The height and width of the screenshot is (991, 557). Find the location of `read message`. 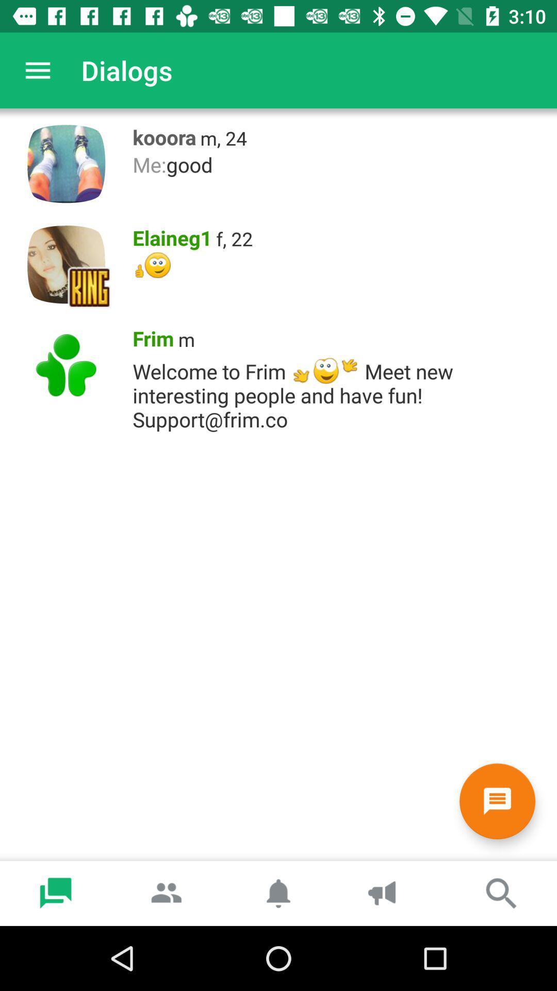

read message is located at coordinates (497, 801).